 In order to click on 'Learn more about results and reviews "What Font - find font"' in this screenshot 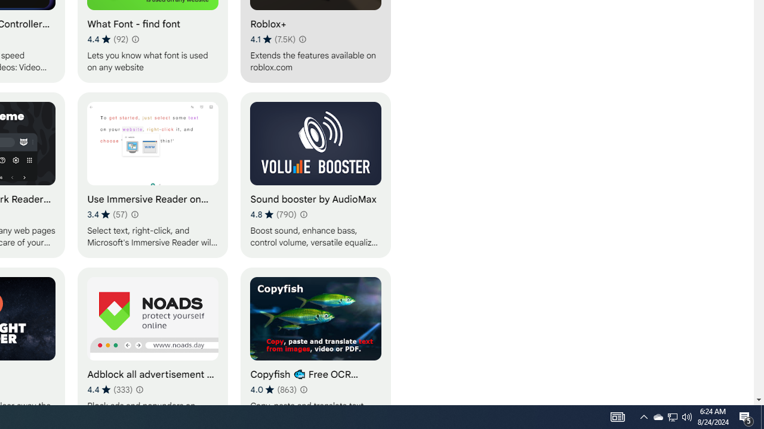, I will do `click(135, 38)`.